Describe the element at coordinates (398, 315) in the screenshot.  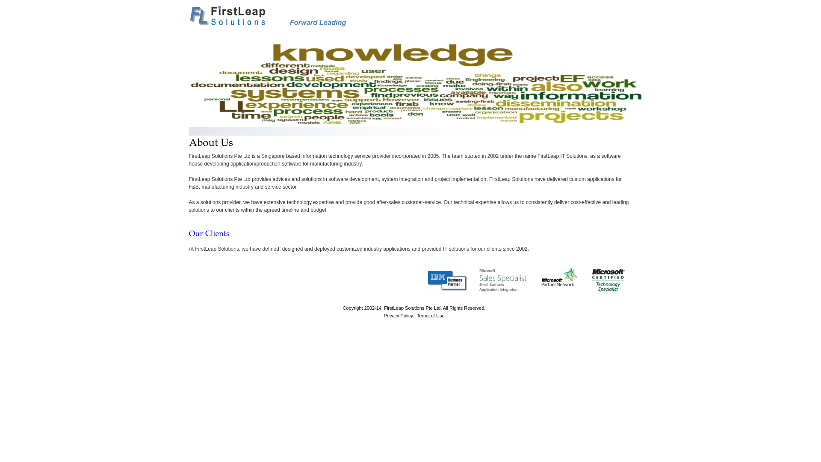
I see `'Privacy Policy'` at that location.